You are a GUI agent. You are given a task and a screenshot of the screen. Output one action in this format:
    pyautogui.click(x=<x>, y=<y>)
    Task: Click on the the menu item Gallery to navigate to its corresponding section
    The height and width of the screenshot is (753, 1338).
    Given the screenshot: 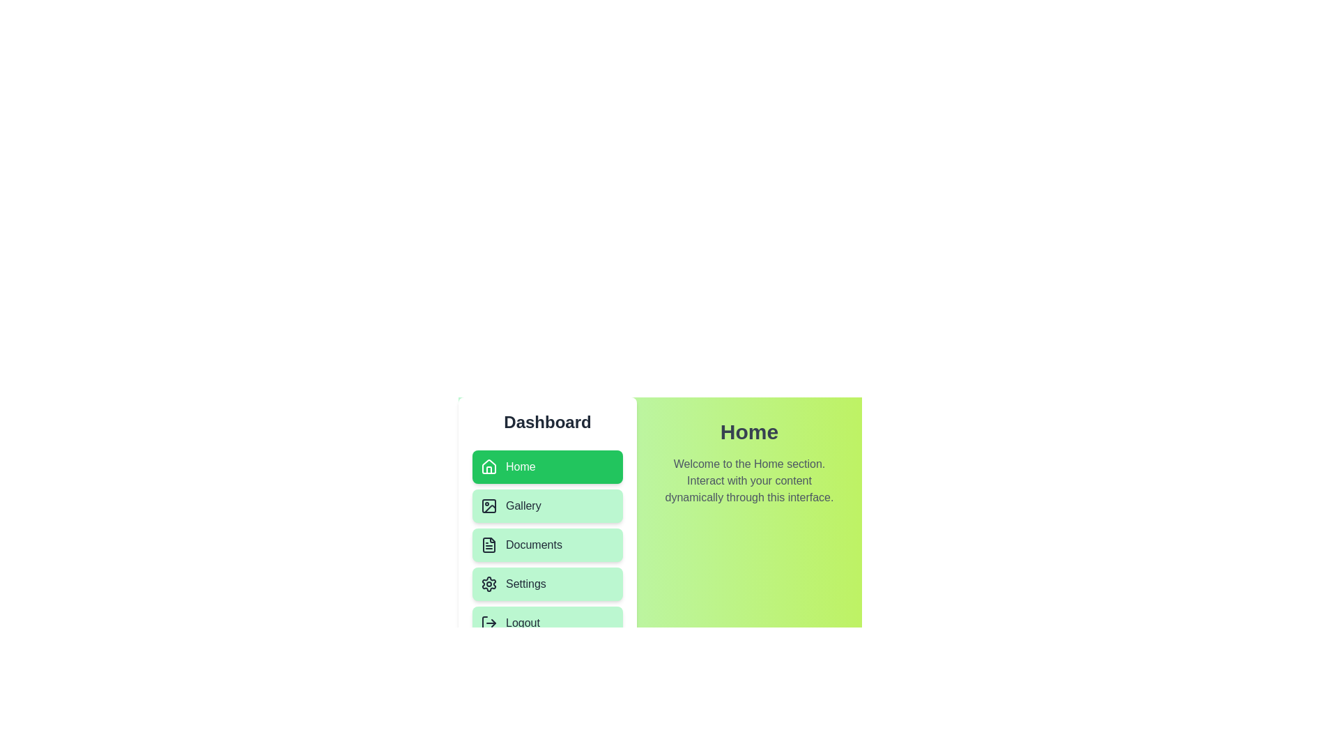 What is the action you would take?
    pyautogui.click(x=547, y=505)
    